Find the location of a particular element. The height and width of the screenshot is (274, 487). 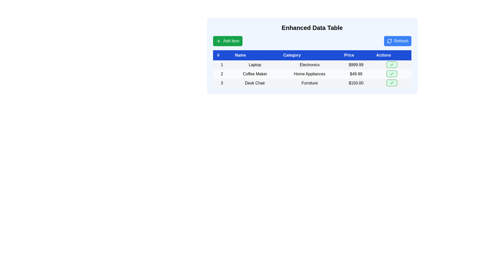

the price label displaying '$150.00' in bold black text, located in the fourth column of the third row of the product details table is located at coordinates (356, 83).